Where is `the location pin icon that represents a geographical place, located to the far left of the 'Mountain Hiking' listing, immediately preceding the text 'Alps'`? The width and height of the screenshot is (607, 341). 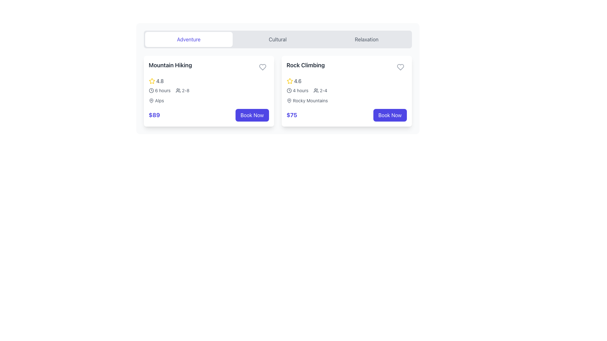
the location pin icon that represents a geographical place, located to the far left of the 'Mountain Hiking' listing, immediately preceding the text 'Alps' is located at coordinates (151, 100).